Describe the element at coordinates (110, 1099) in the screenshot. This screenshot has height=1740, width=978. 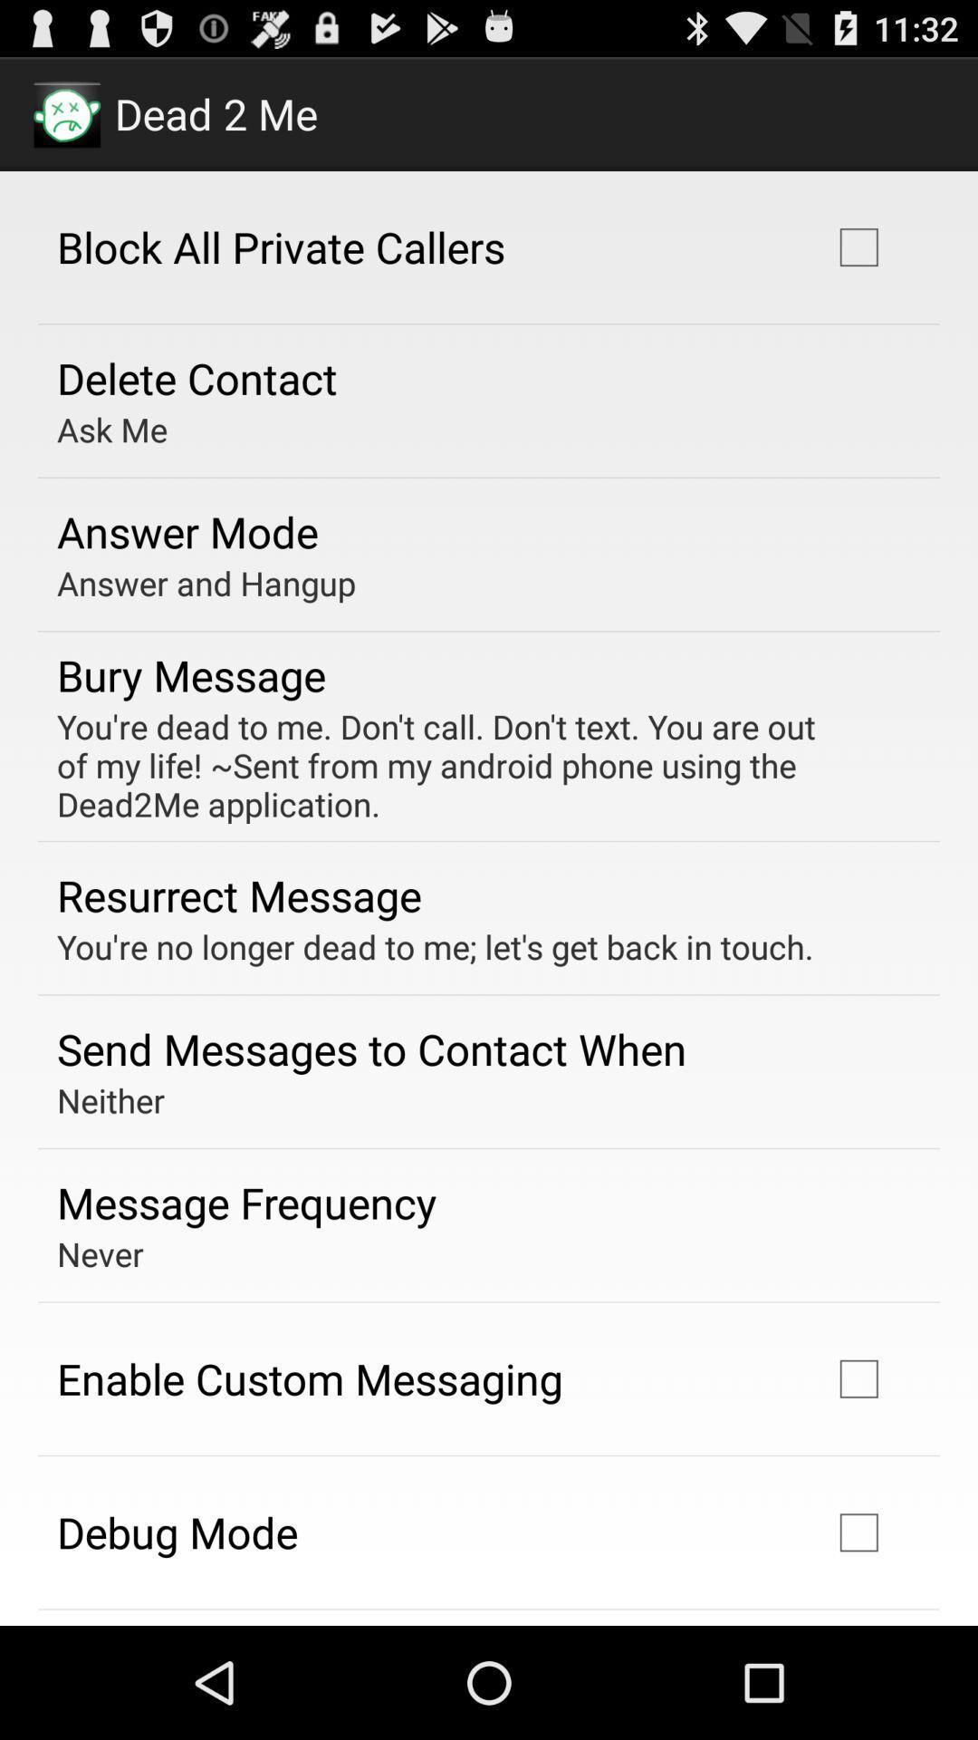
I see `the item below send messages to item` at that location.